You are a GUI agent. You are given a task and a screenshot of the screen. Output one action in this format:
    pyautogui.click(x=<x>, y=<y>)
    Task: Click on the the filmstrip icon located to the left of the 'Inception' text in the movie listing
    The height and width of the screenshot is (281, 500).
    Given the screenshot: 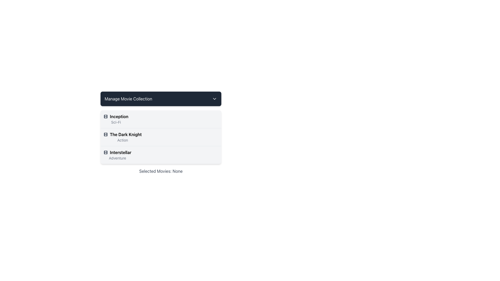 What is the action you would take?
    pyautogui.click(x=105, y=116)
    